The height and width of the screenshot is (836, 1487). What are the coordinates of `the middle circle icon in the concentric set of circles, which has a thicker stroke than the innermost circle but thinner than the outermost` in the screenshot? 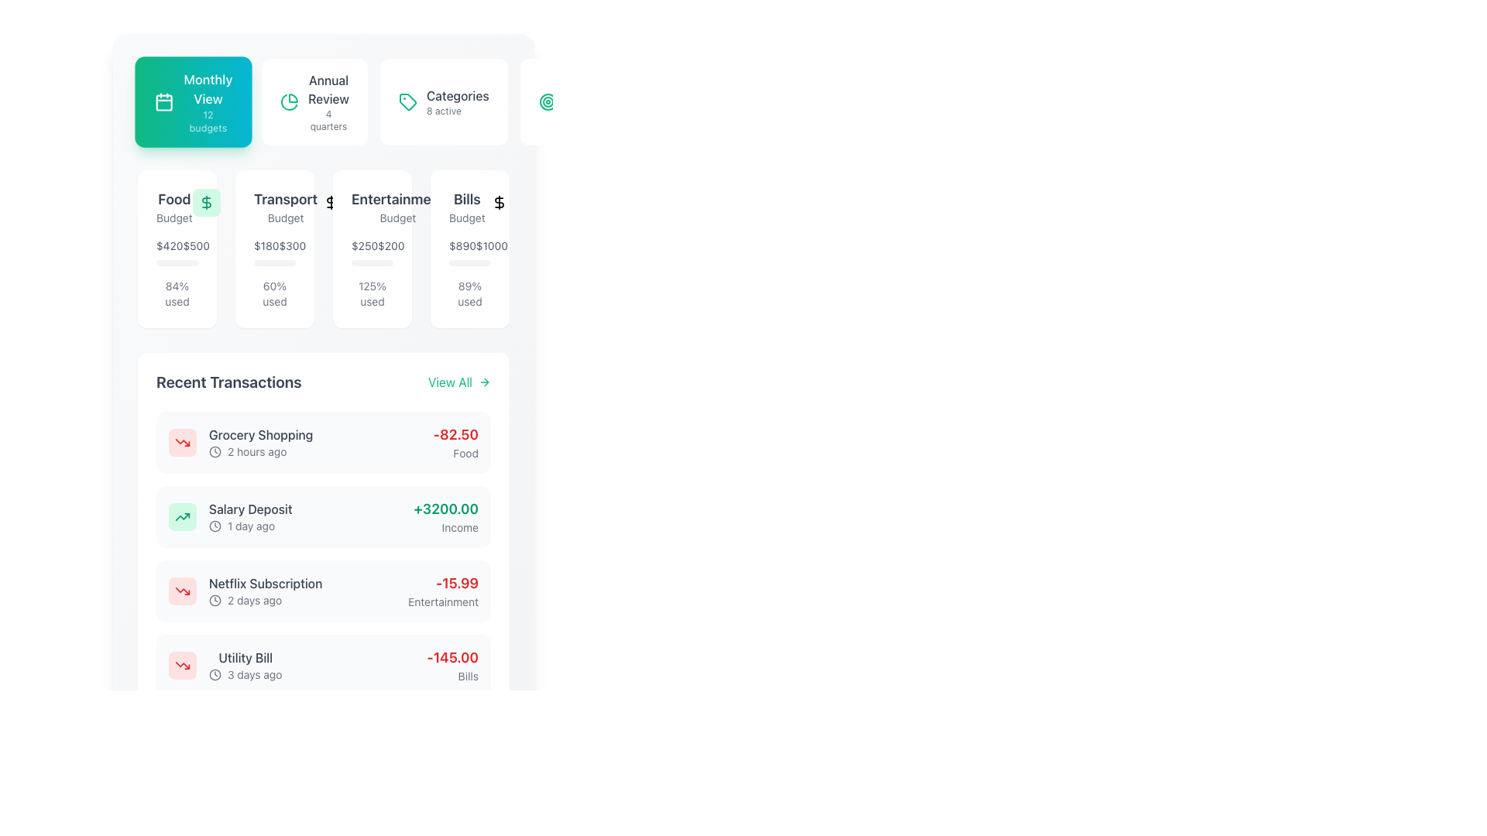 It's located at (548, 101).